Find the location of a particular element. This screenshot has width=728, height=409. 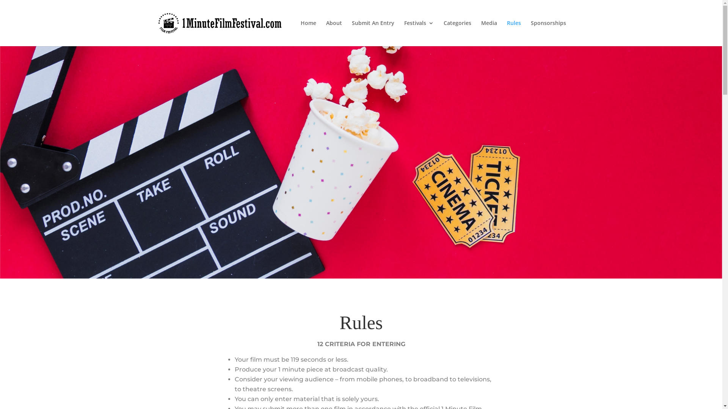

'Festivals' is located at coordinates (403, 33).